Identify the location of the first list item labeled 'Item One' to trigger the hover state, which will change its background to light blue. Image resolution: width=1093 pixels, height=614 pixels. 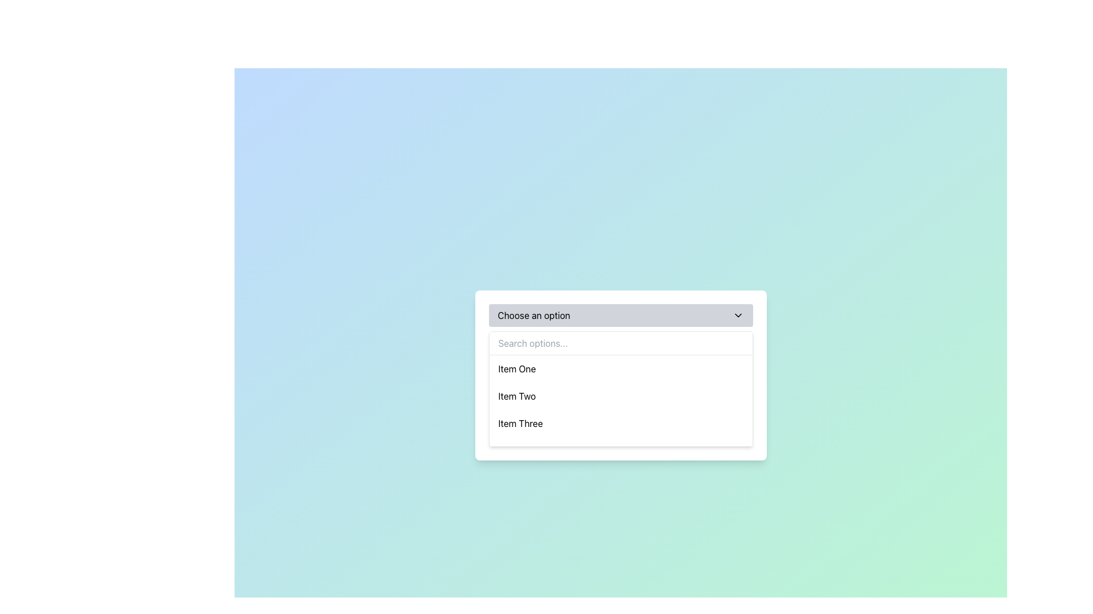
(620, 368).